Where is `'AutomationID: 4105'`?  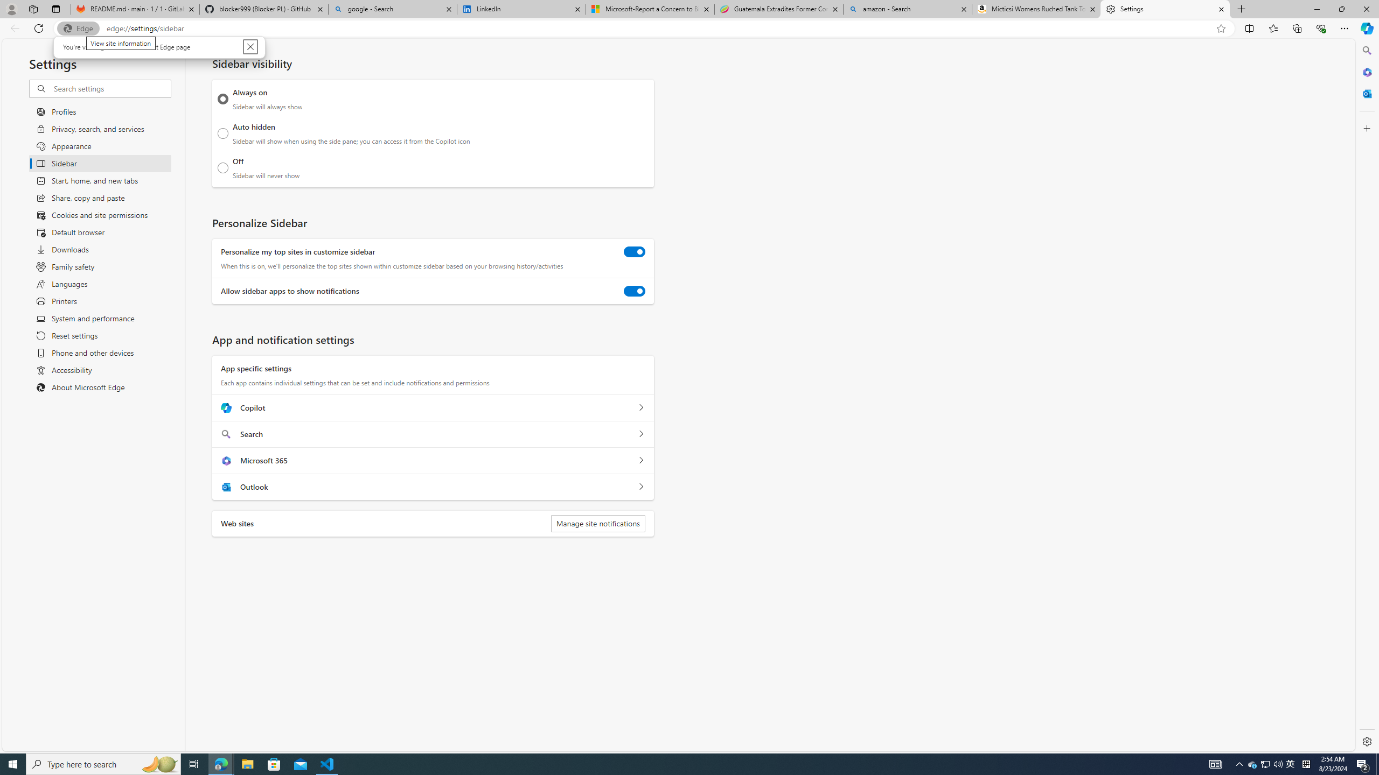 'AutomationID: 4105' is located at coordinates (1215, 763).